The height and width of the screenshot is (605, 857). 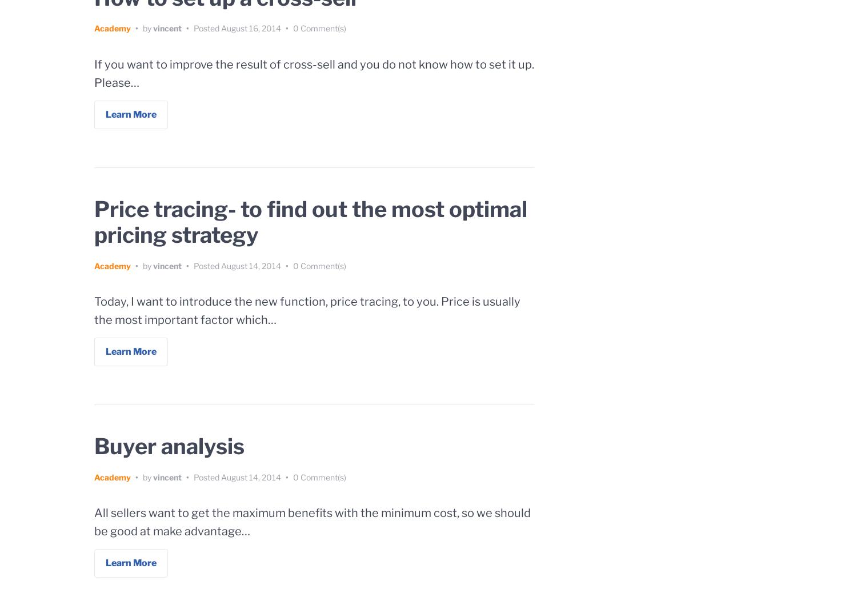 What do you see at coordinates (94, 310) in the screenshot?
I see `'Today, I want to introduce the new function, price tracing, to you. Price is usually the most important factor which…'` at bounding box center [94, 310].